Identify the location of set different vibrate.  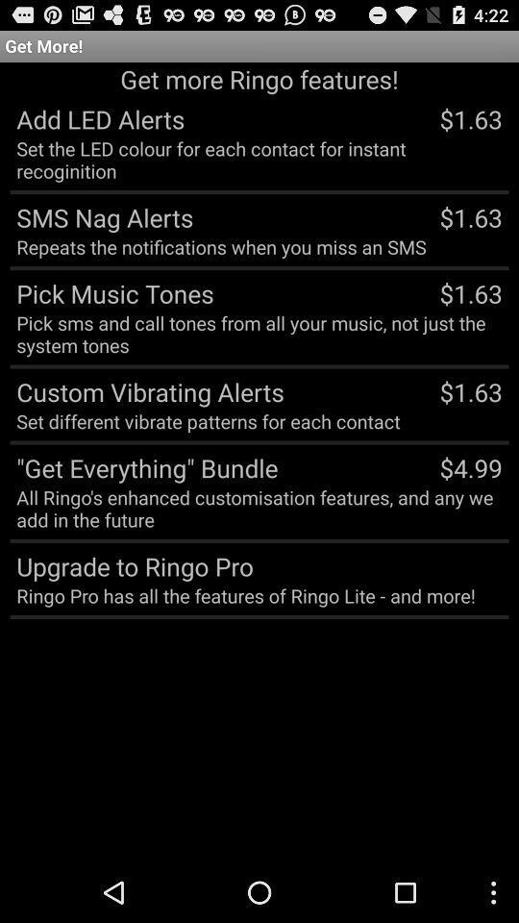
(207, 421).